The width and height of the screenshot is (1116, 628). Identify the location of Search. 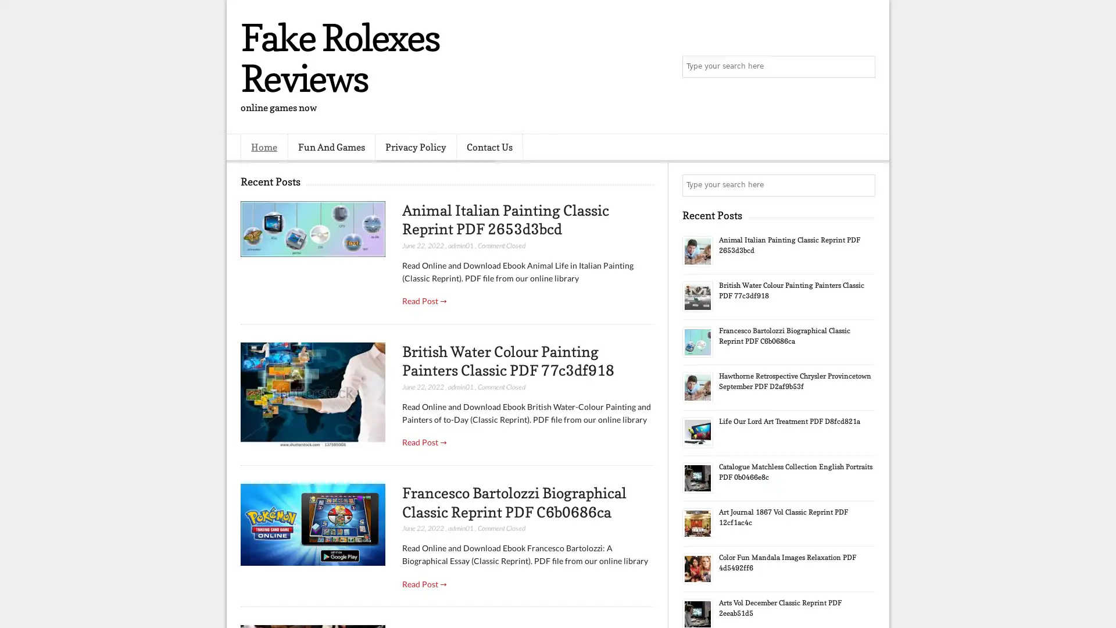
(863, 67).